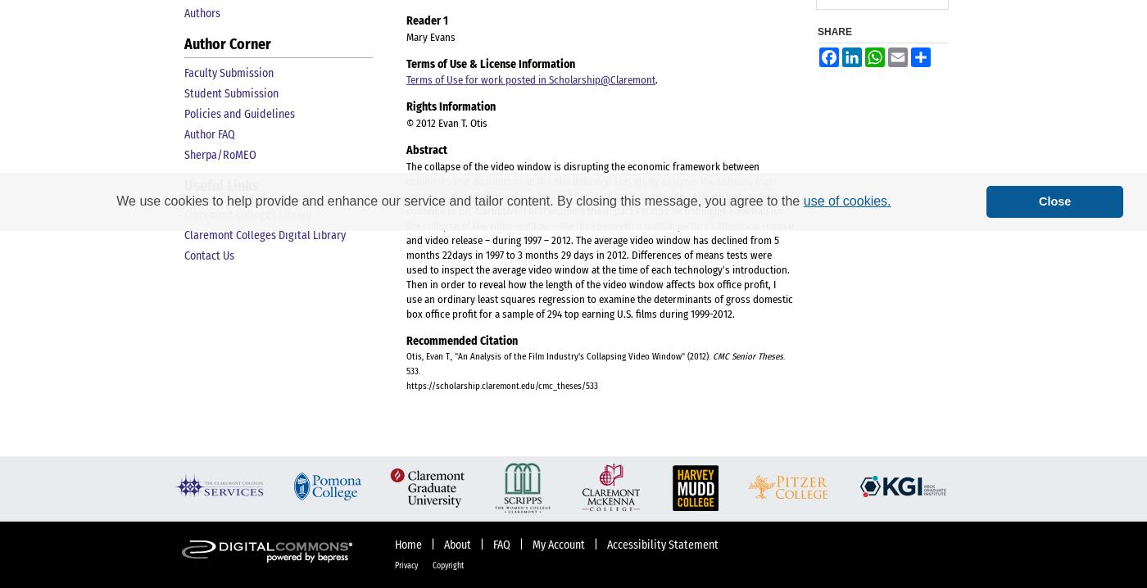 Image resolution: width=1147 pixels, height=588 pixels. Describe the element at coordinates (1054, 201) in the screenshot. I see `'Close'` at that location.